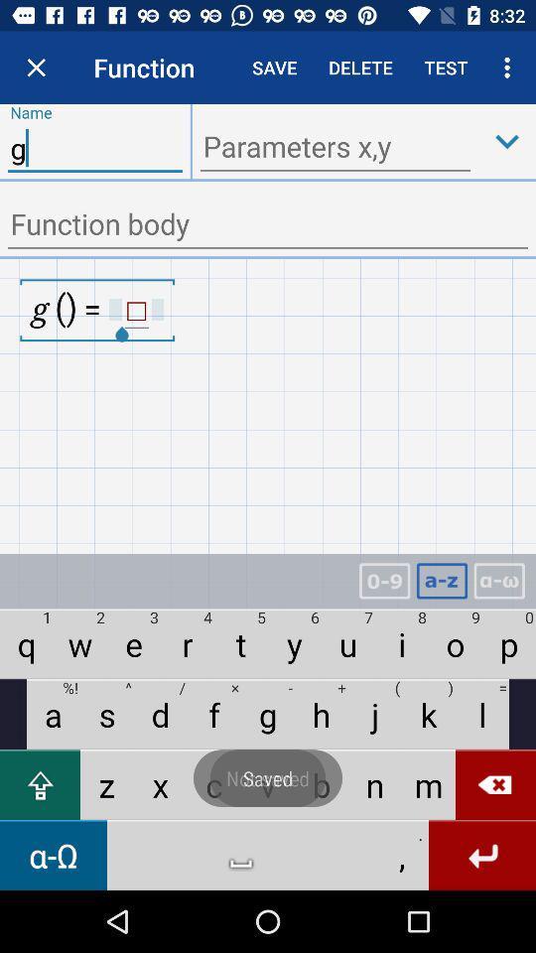  What do you see at coordinates (446, 68) in the screenshot?
I see `test` at bounding box center [446, 68].